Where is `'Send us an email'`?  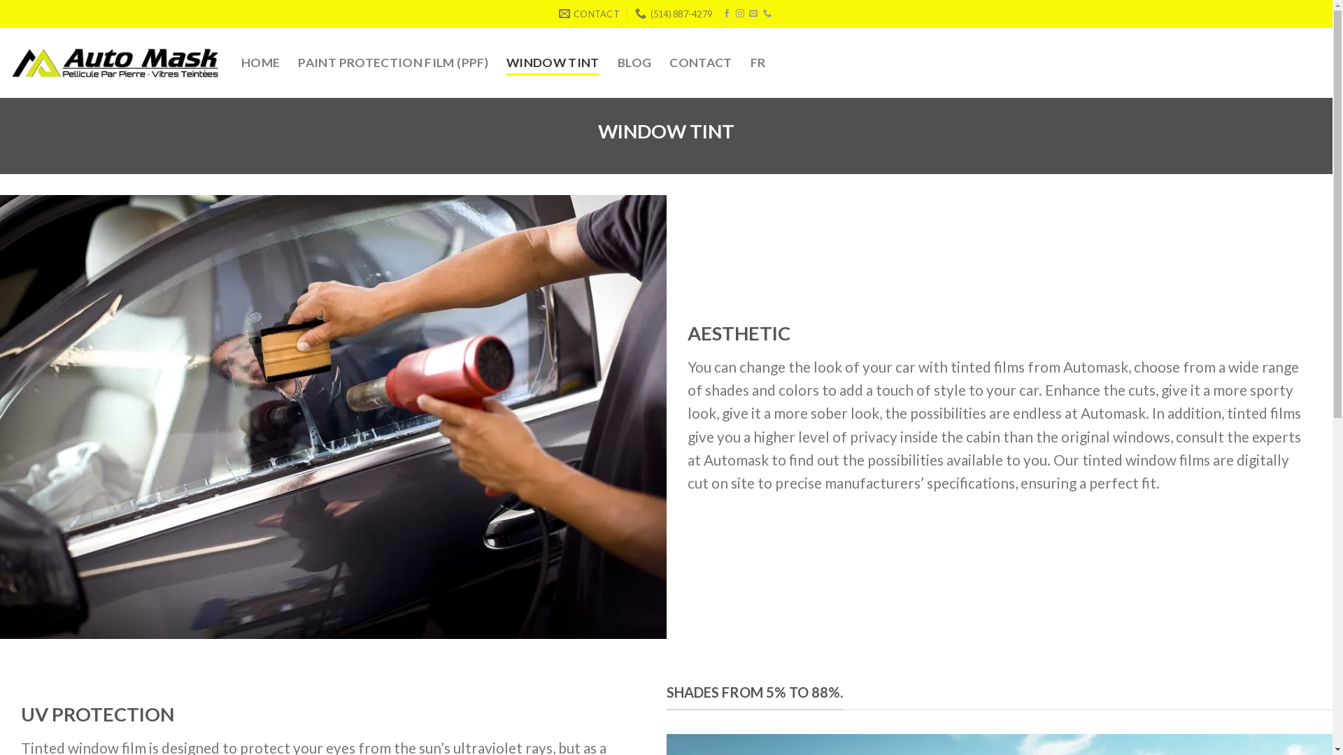
'Send us an email' is located at coordinates (752, 13).